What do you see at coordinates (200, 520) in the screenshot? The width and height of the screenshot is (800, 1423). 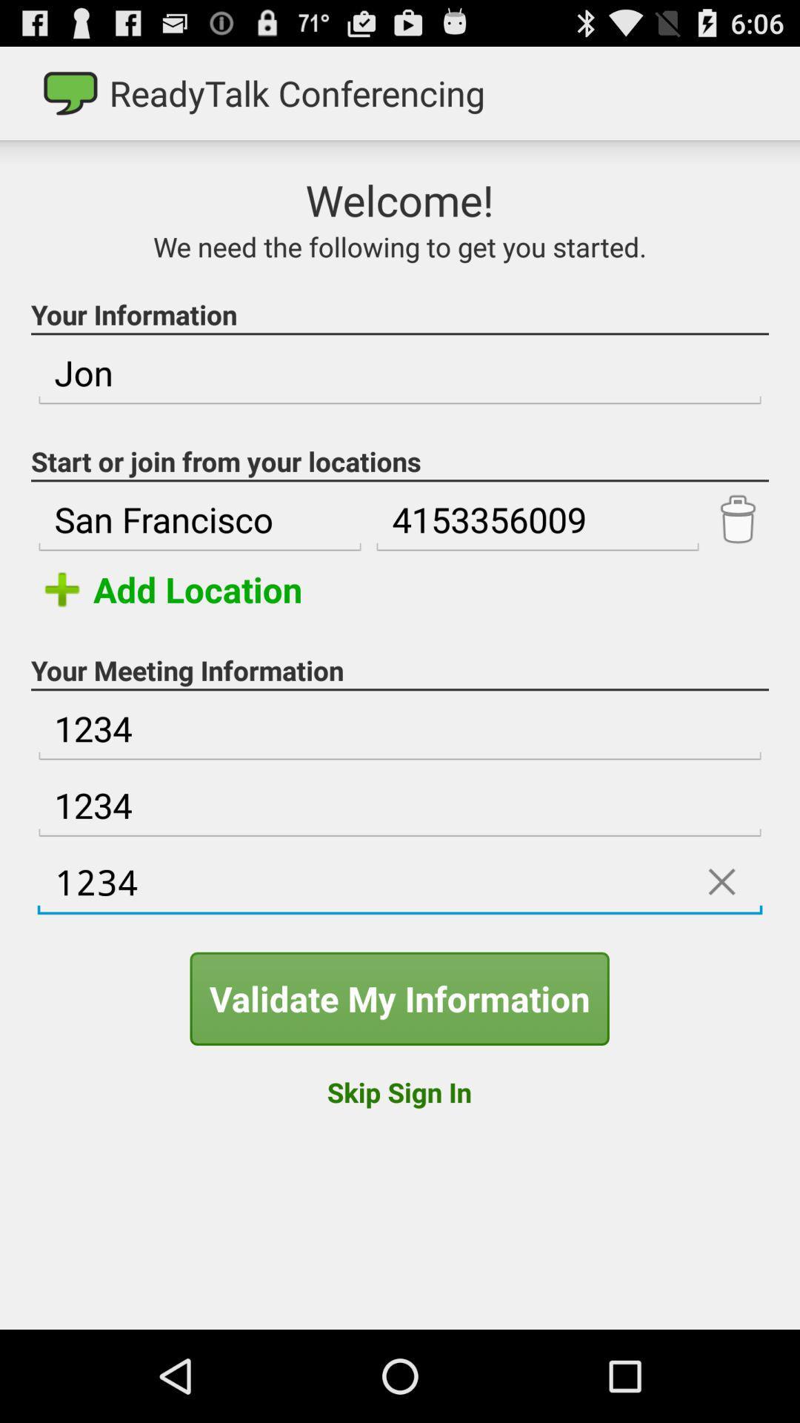 I see `san francisco item` at bounding box center [200, 520].